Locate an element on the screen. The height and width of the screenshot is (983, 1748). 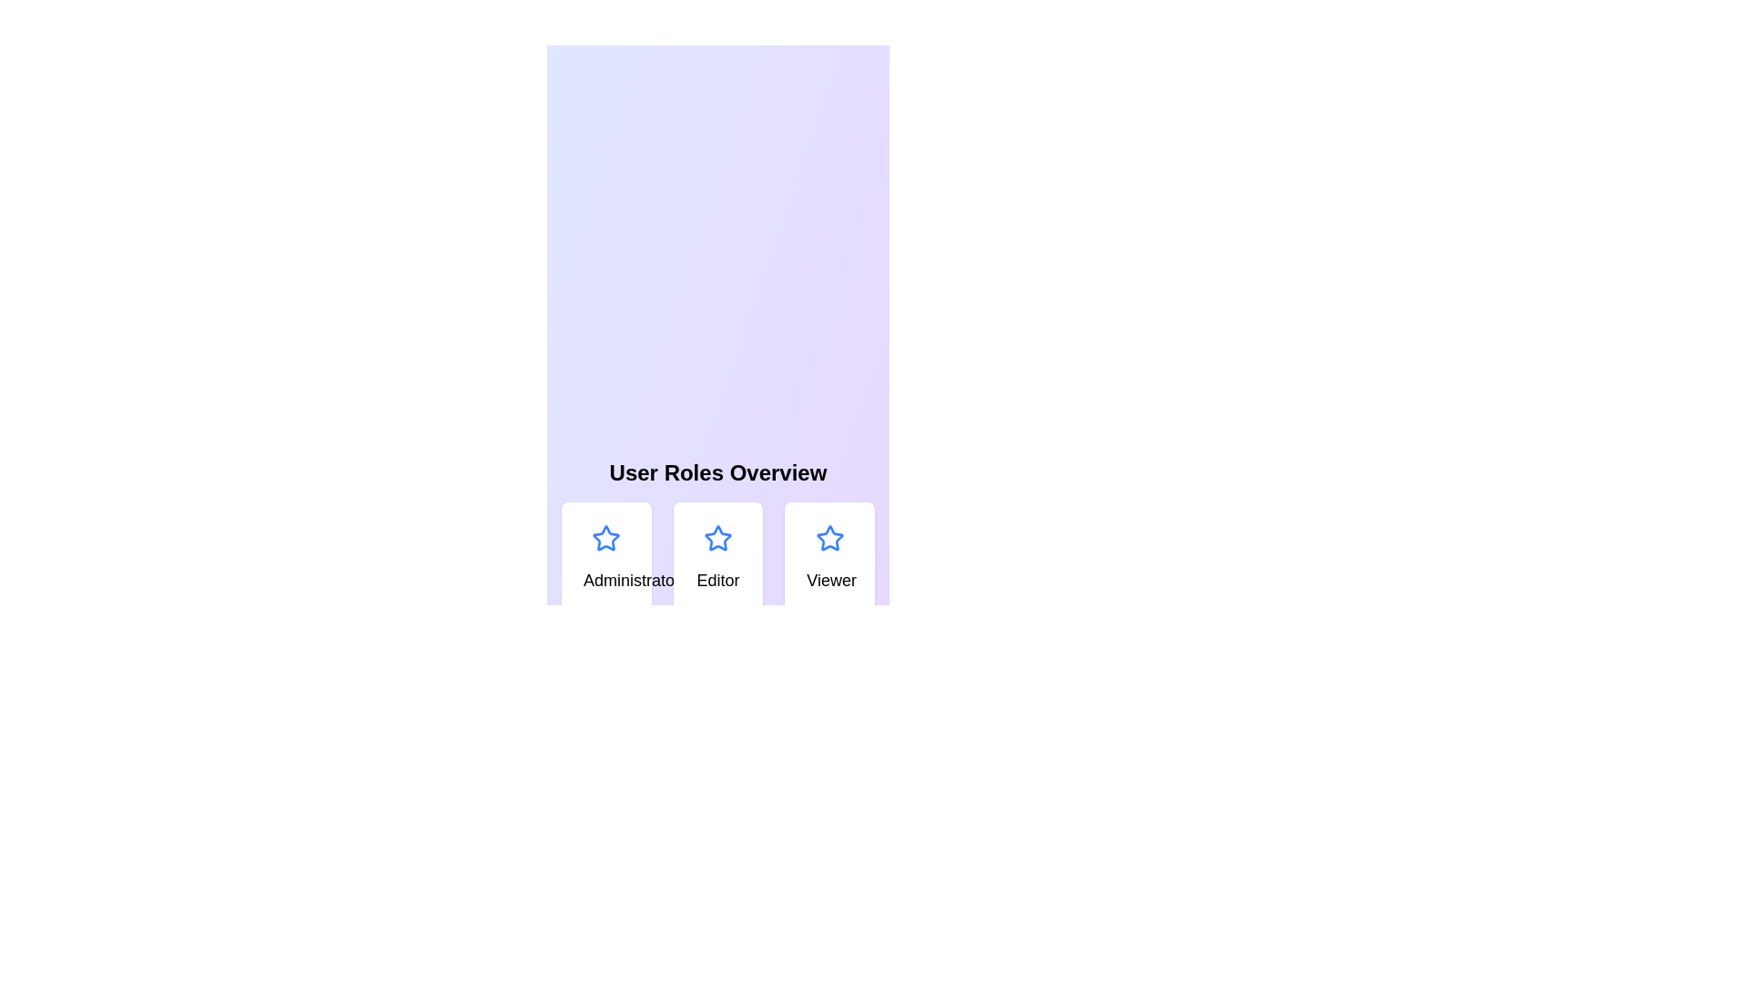
the star icon that represents the 'Viewer' role in the 'User Roles Overview' section, which is the third icon in a horizontal row of three is located at coordinates (828, 537).